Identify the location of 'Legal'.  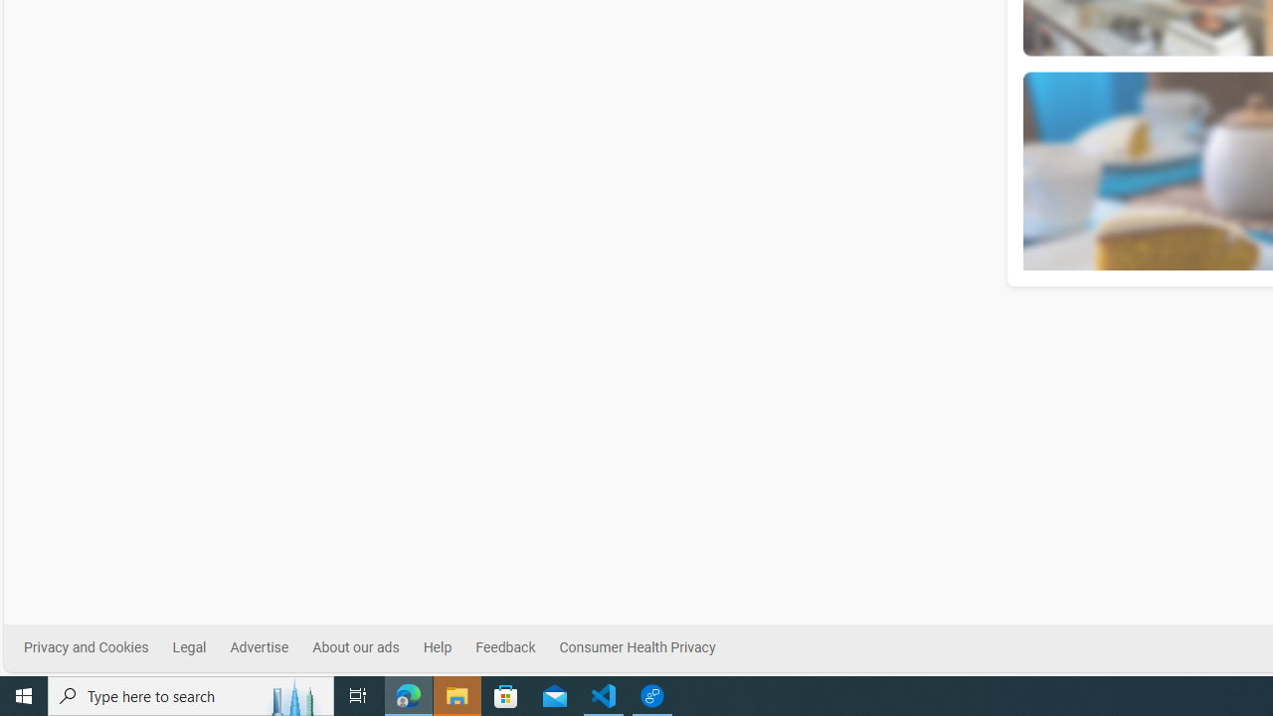
(201, 647).